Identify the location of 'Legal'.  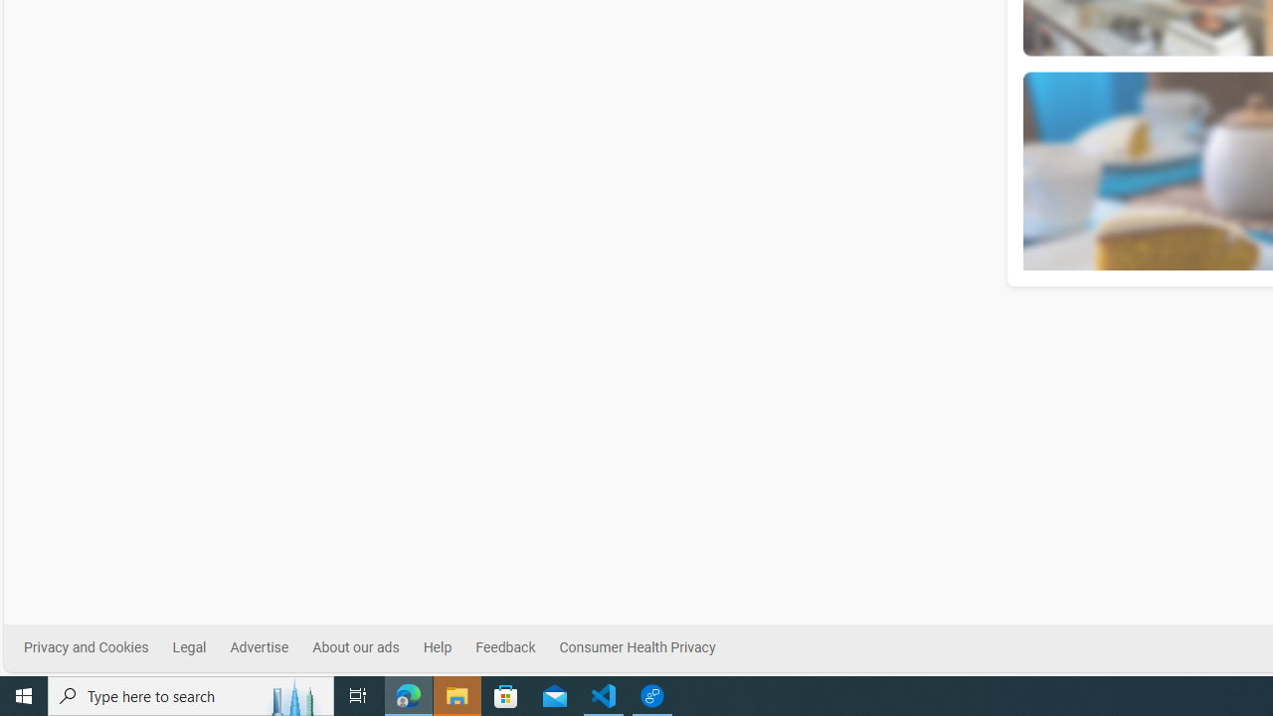
(201, 647).